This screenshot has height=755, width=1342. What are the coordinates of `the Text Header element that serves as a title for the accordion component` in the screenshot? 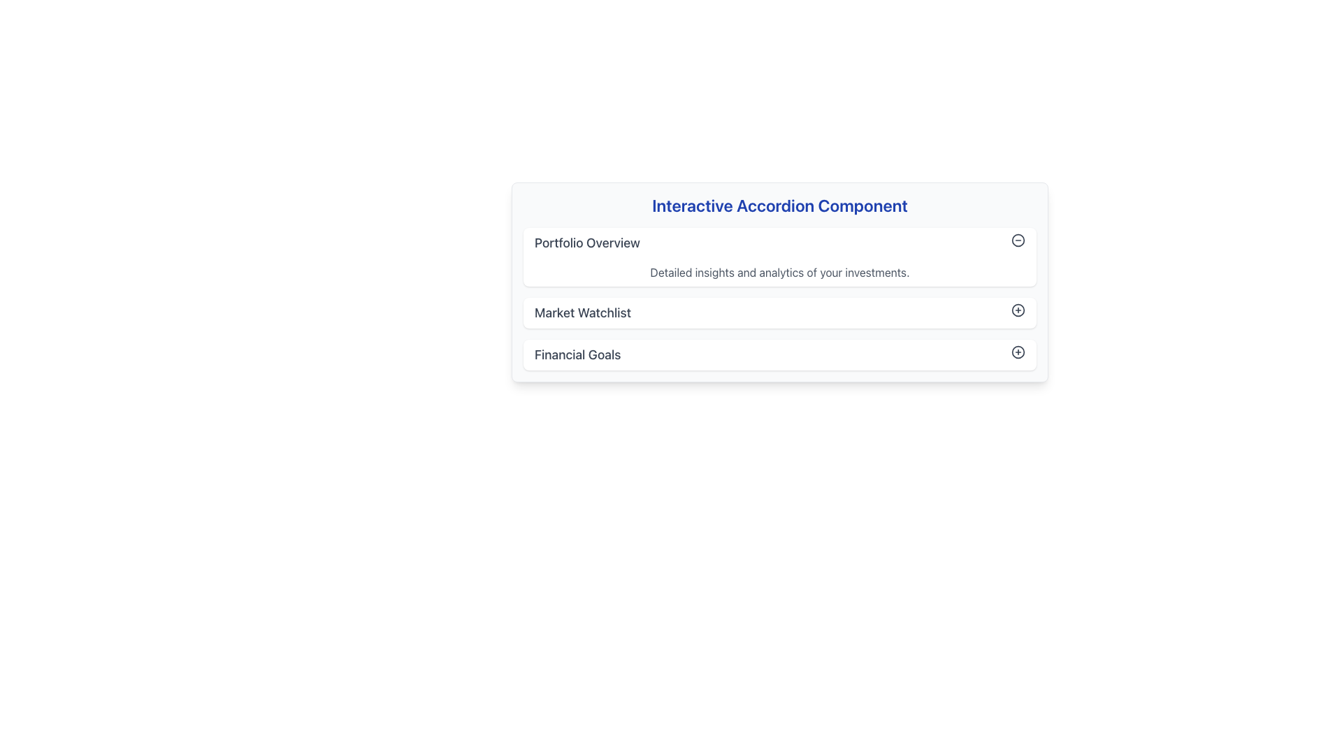 It's located at (779, 205).